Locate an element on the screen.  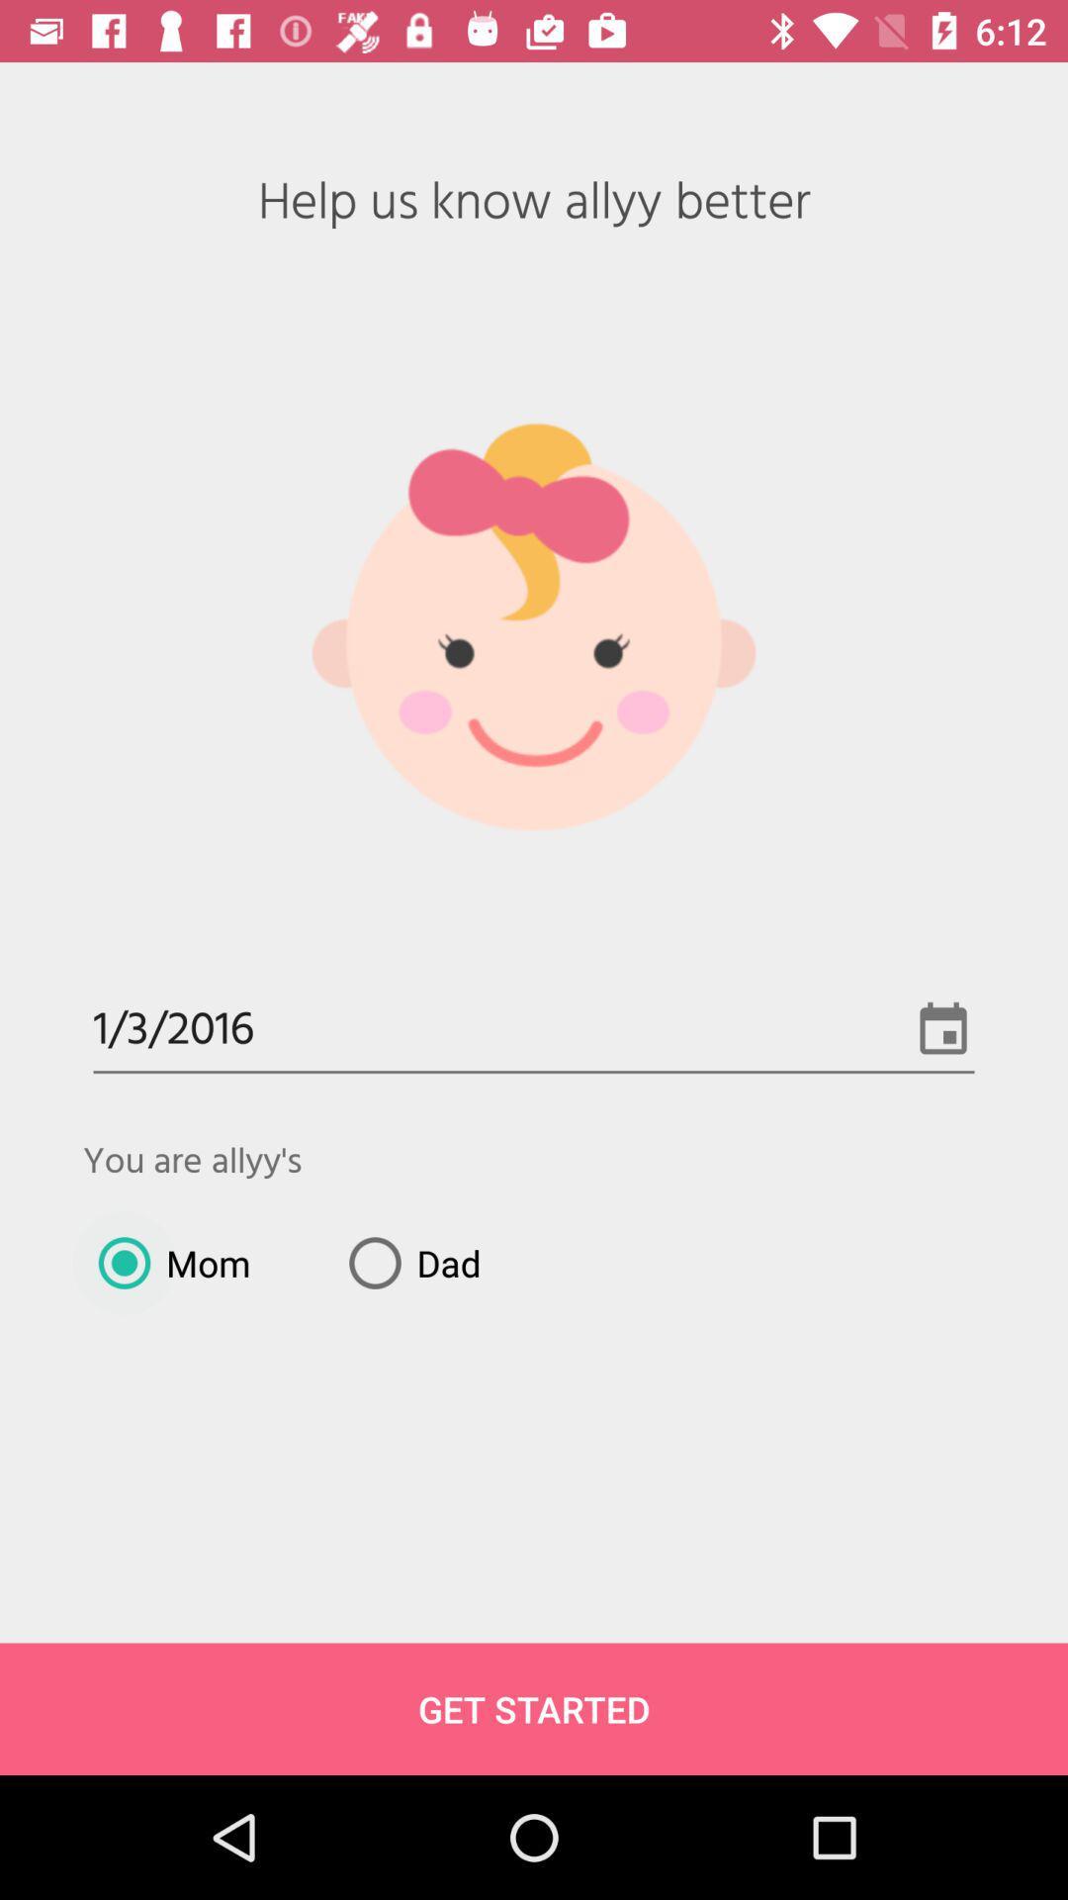
icon below you are allyy item is located at coordinates (165, 1262).